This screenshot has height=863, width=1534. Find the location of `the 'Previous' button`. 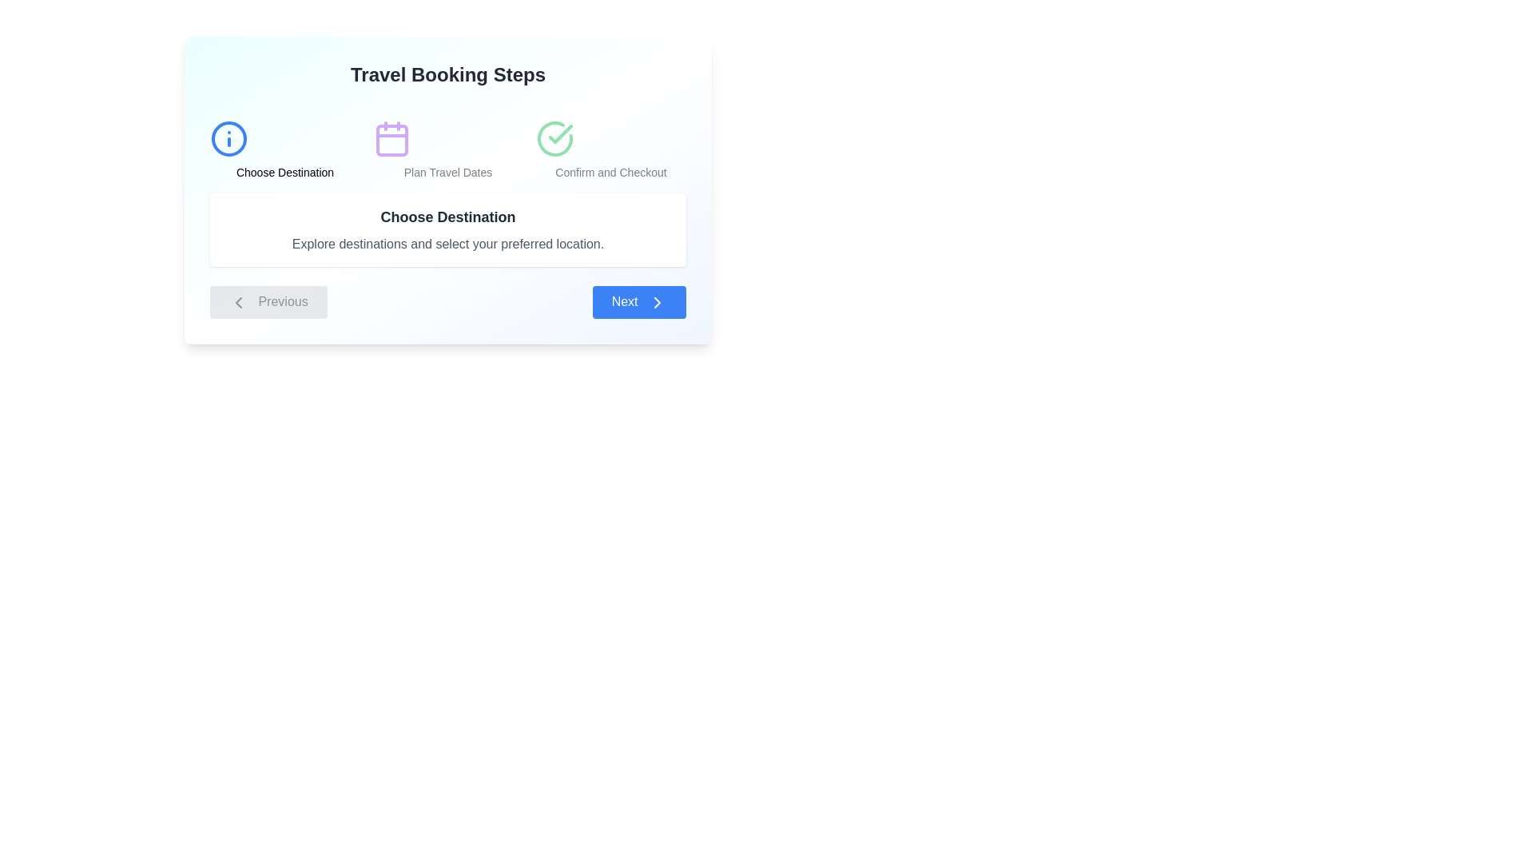

the 'Previous' button is located at coordinates (268, 302).